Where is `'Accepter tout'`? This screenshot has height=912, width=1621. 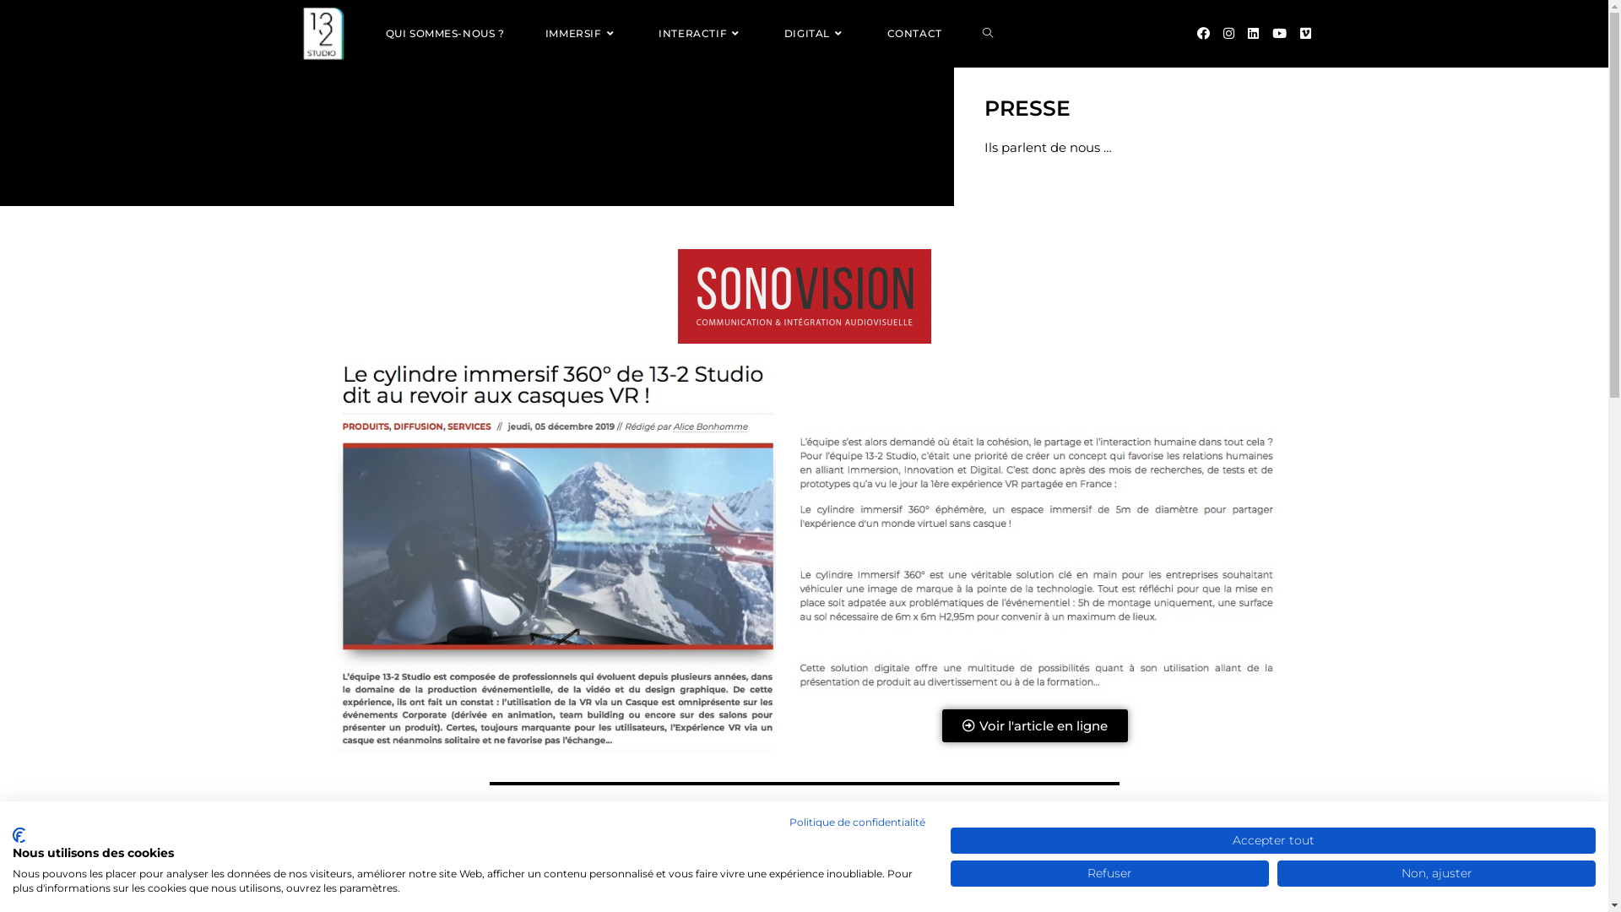
'Accepter tout' is located at coordinates (1272, 840).